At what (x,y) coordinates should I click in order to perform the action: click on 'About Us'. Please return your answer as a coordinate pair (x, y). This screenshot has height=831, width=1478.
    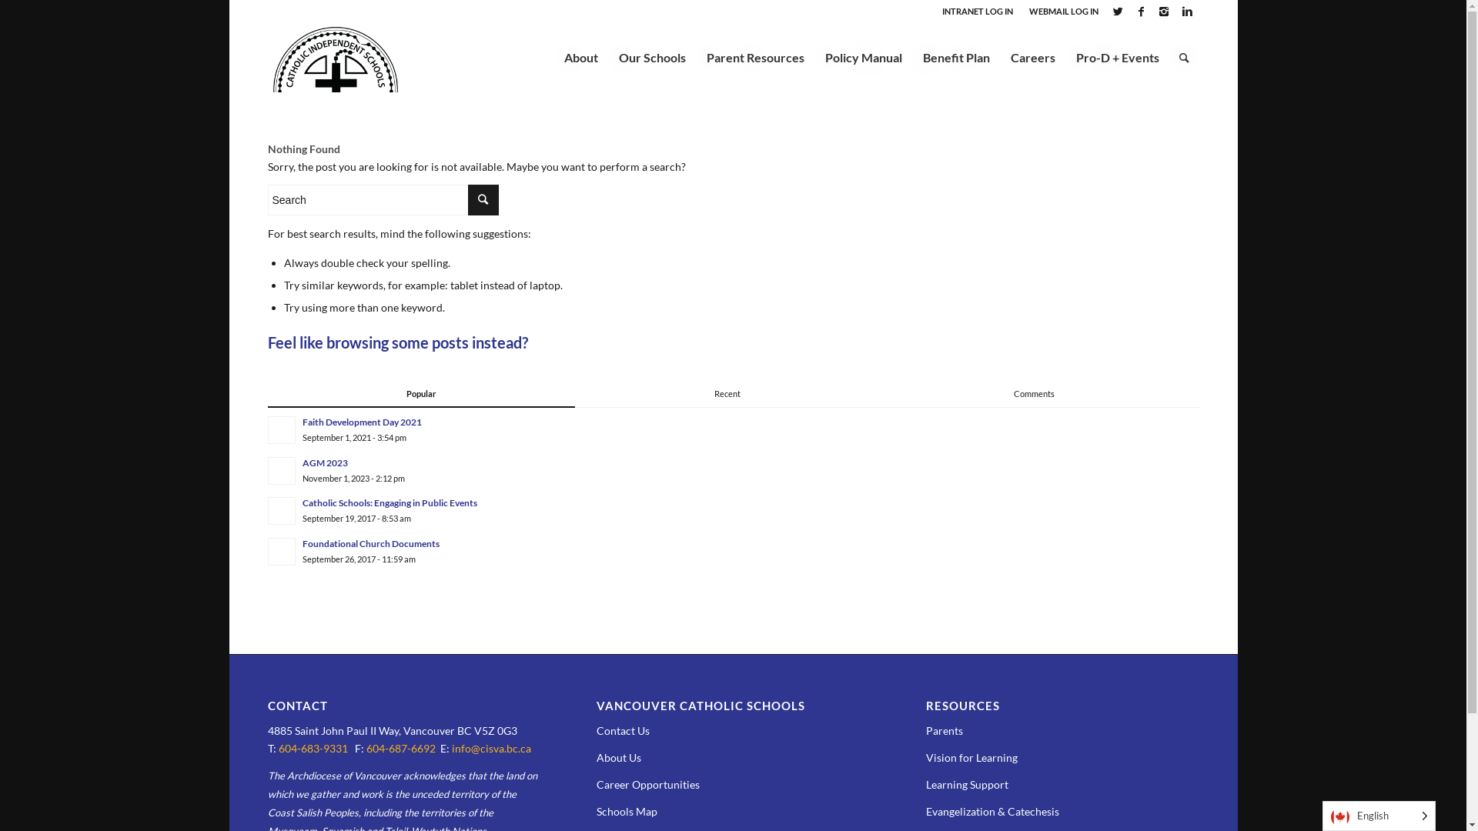
    Looking at the image, I should click on (618, 756).